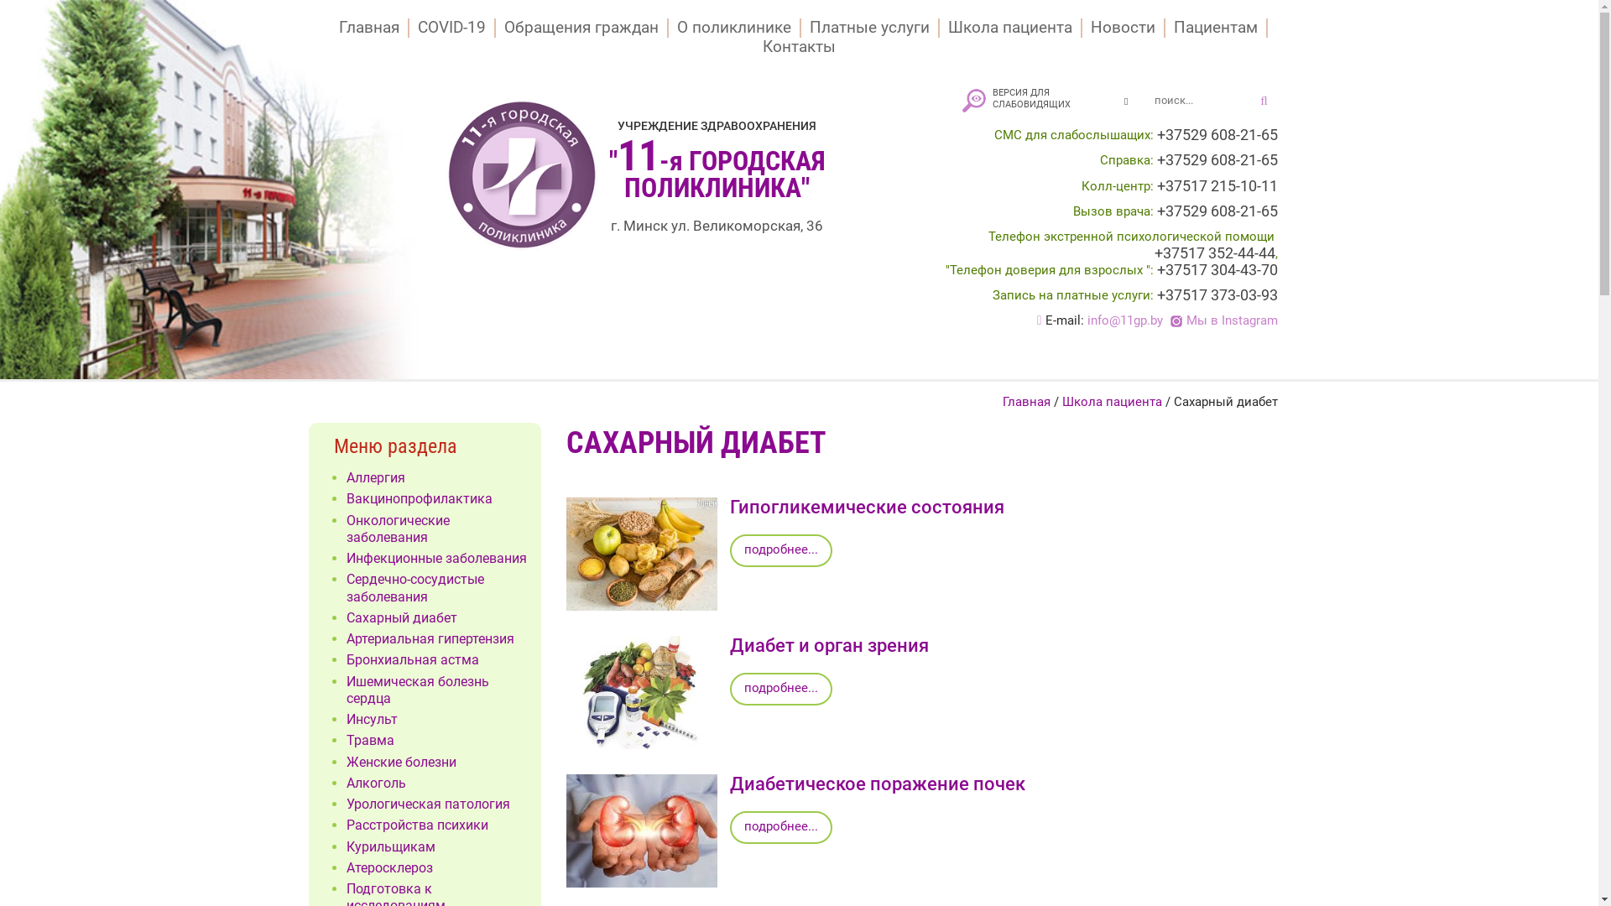 The width and height of the screenshot is (1611, 906). I want to click on '+37517 215-10-11', so click(1216, 186).